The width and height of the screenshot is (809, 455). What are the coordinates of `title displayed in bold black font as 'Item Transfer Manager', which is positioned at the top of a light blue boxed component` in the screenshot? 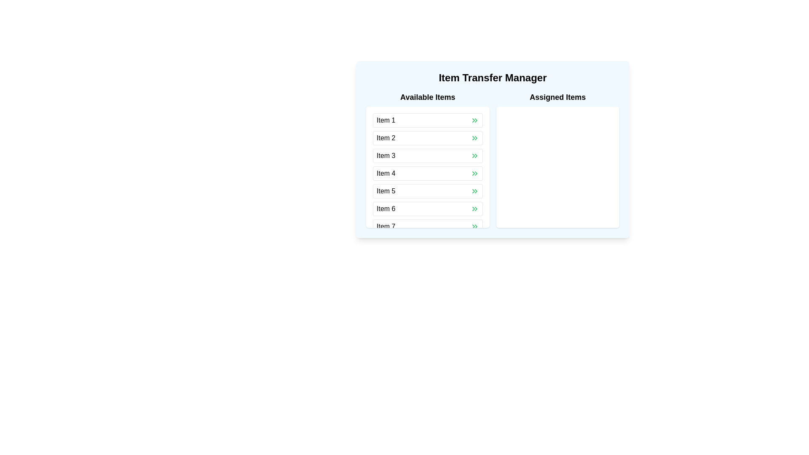 It's located at (493, 78).